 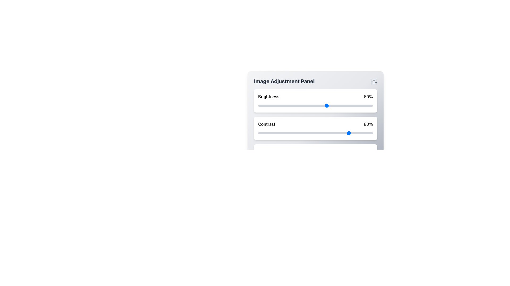 I want to click on brightness, so click(x=273, y=105).